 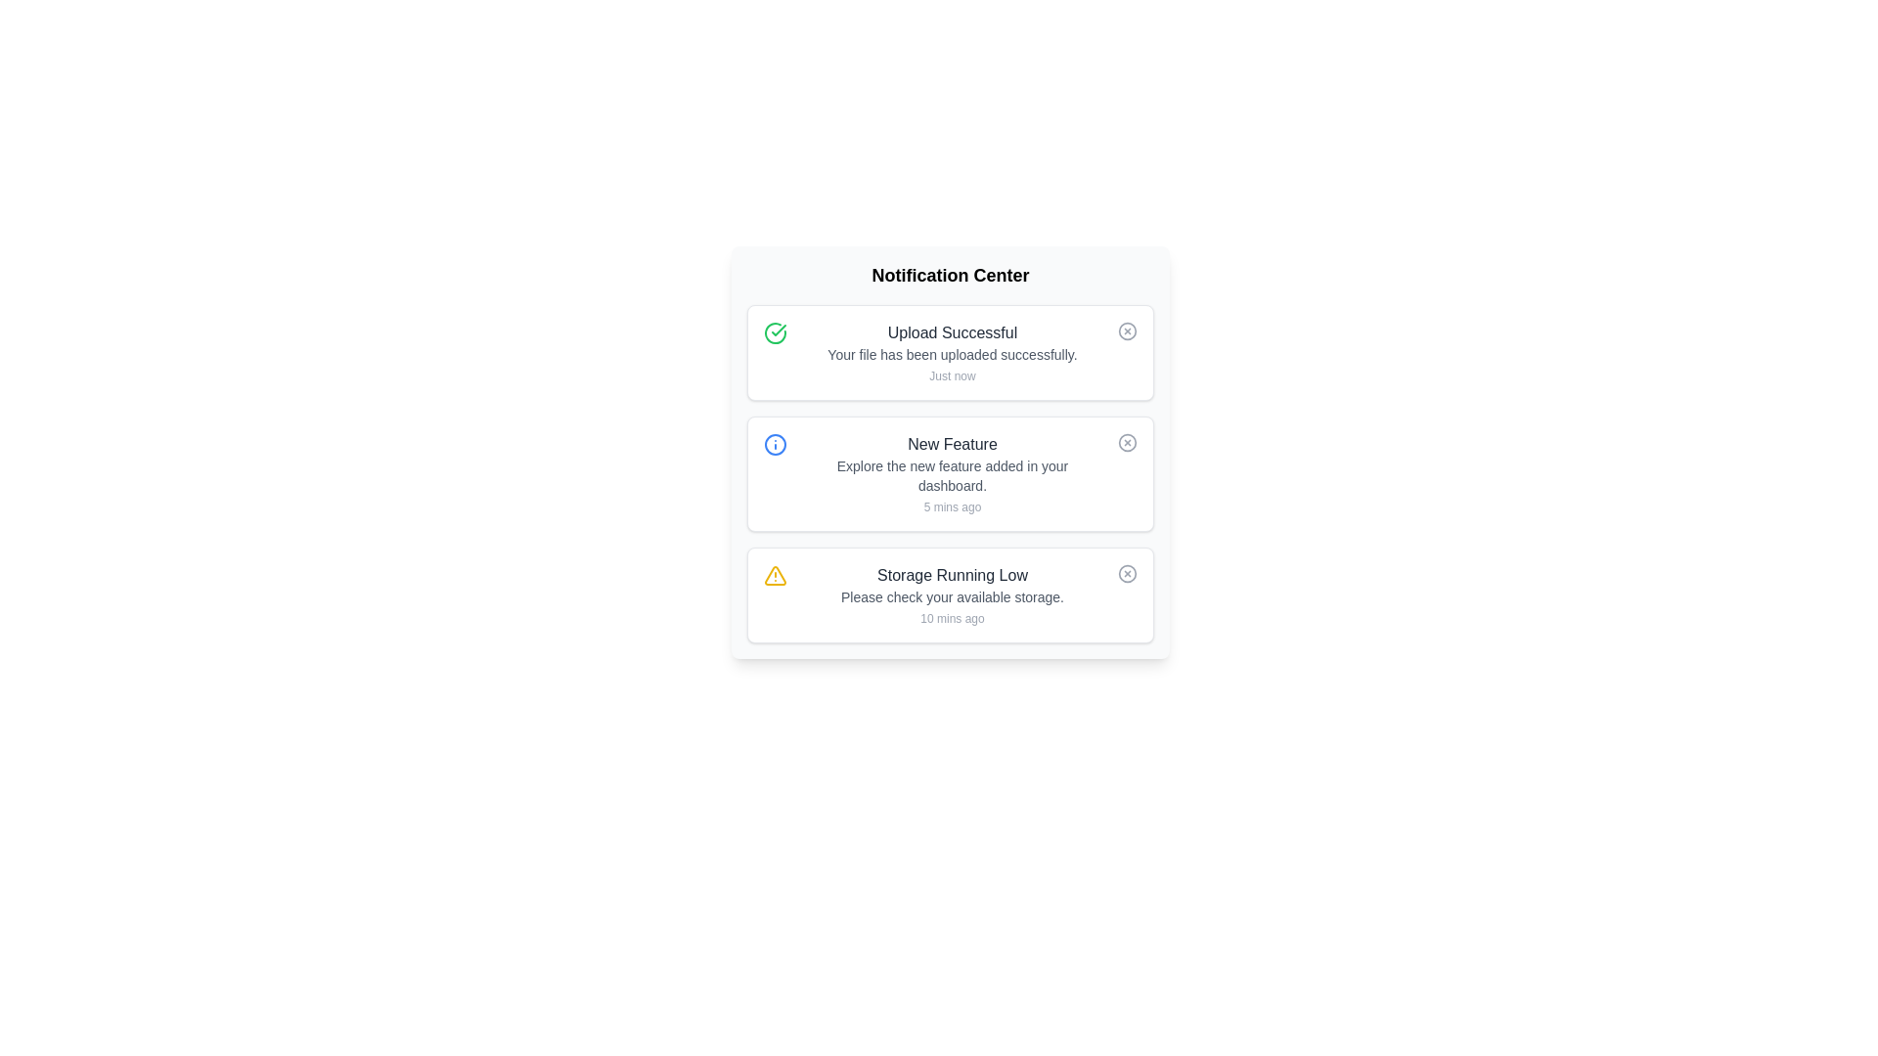 What do you see at coordinates (953, 445) in the screenshot?
I see `the bold text label reading 'New Feature' in the notification center interface, which is styled in dark gray and positioned at the top of its notification block` at bounding box center [953, 445].